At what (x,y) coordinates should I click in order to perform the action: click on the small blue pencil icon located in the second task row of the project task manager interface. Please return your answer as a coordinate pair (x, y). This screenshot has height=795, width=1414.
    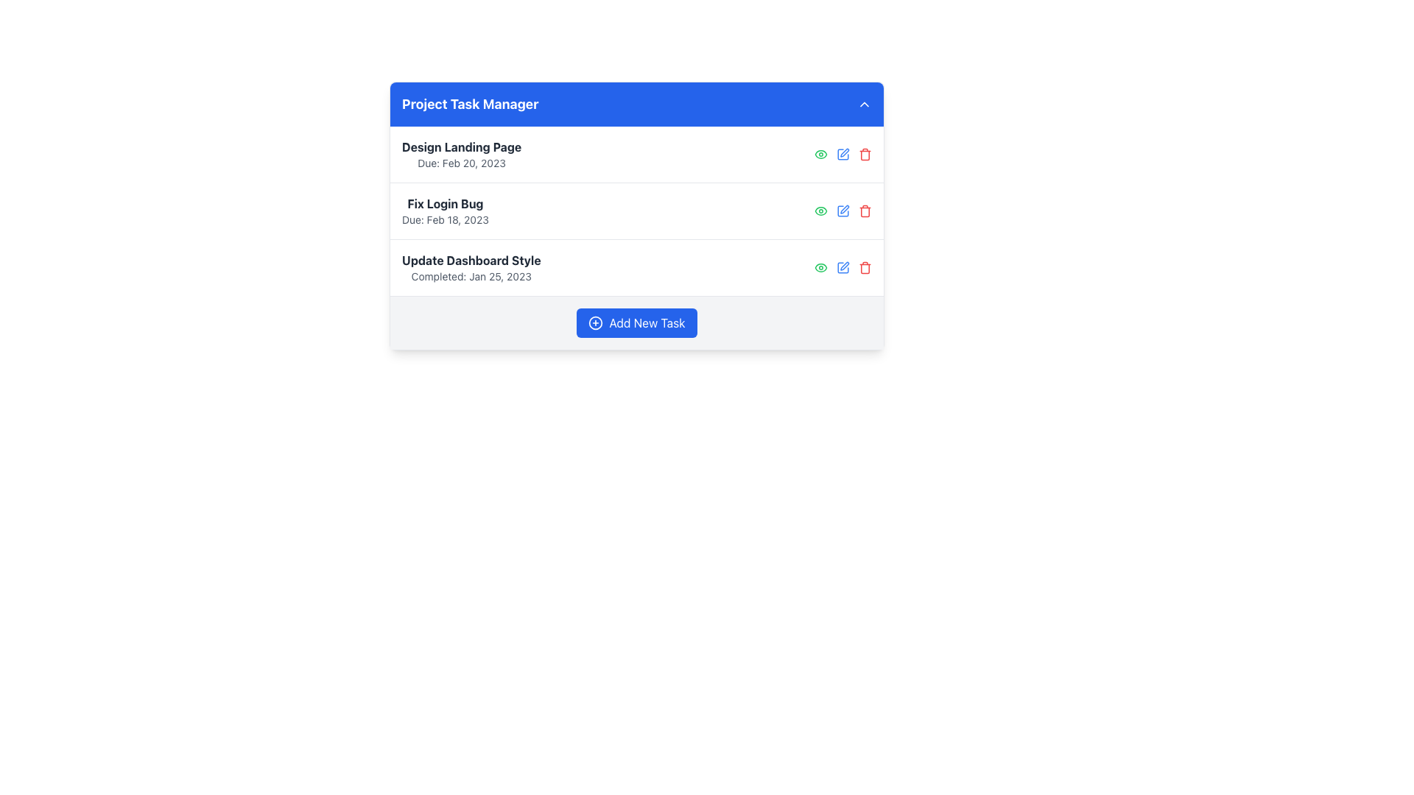
    Looking at the image, I should click on (843, 211).